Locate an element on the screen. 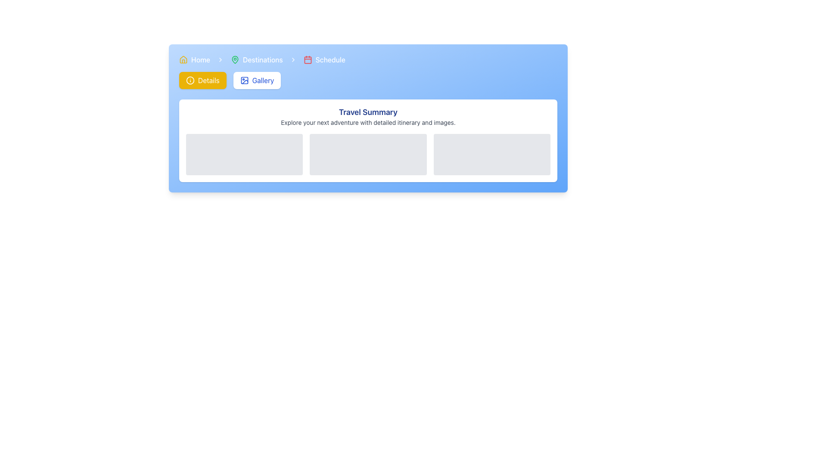 This screenshot has width=827, height=465. the green location pin icon located in the top navigation header, next to the text 'Destinations' is located at coordinates (235, 59).